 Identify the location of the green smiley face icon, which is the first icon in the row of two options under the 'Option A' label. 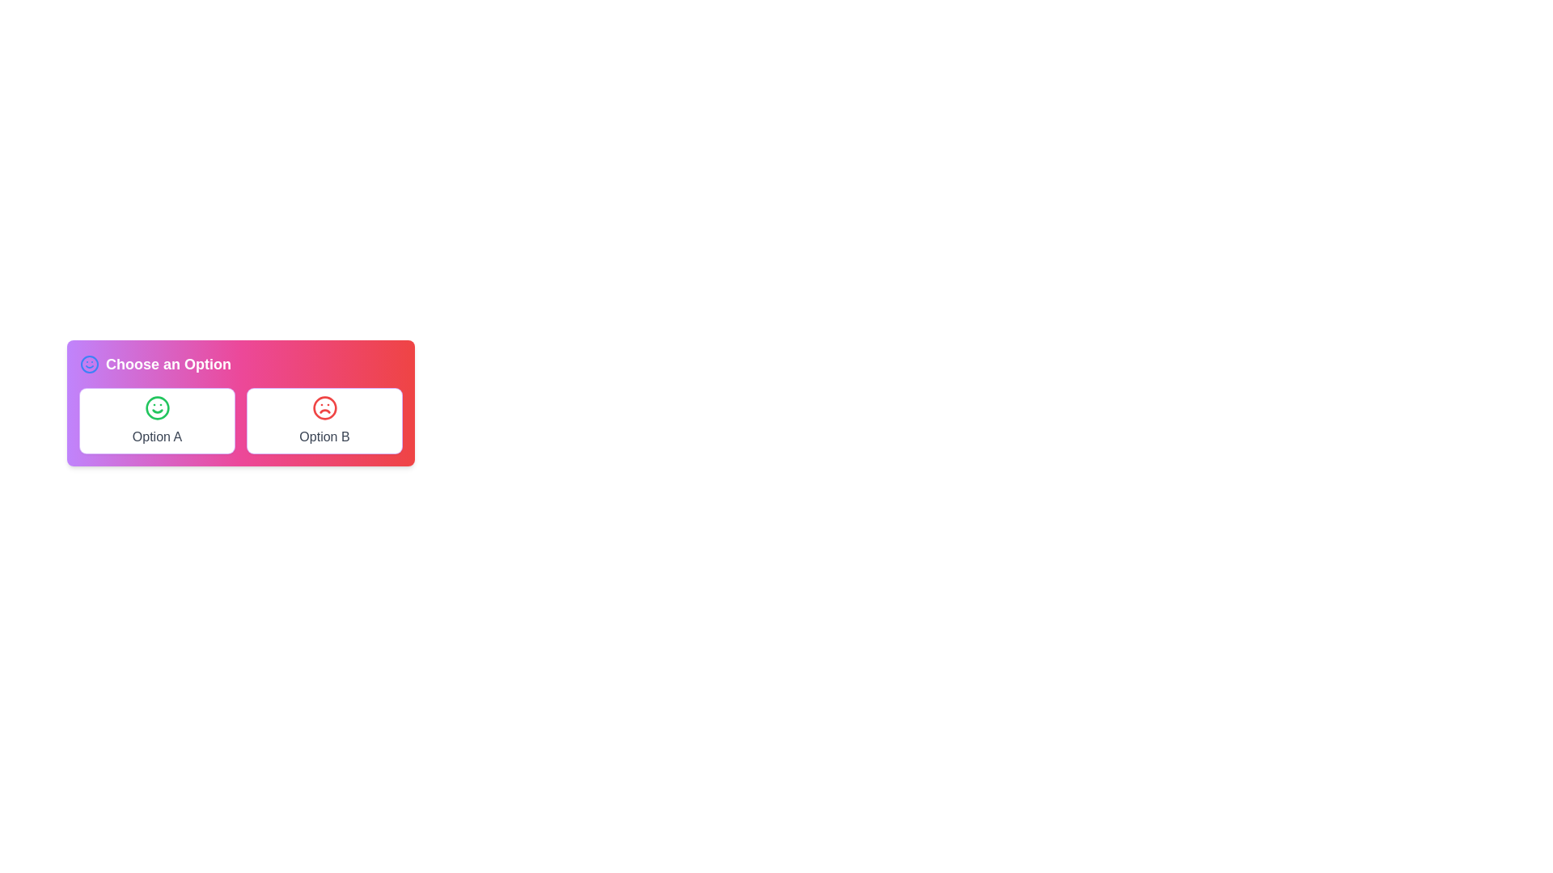
(157, 407).